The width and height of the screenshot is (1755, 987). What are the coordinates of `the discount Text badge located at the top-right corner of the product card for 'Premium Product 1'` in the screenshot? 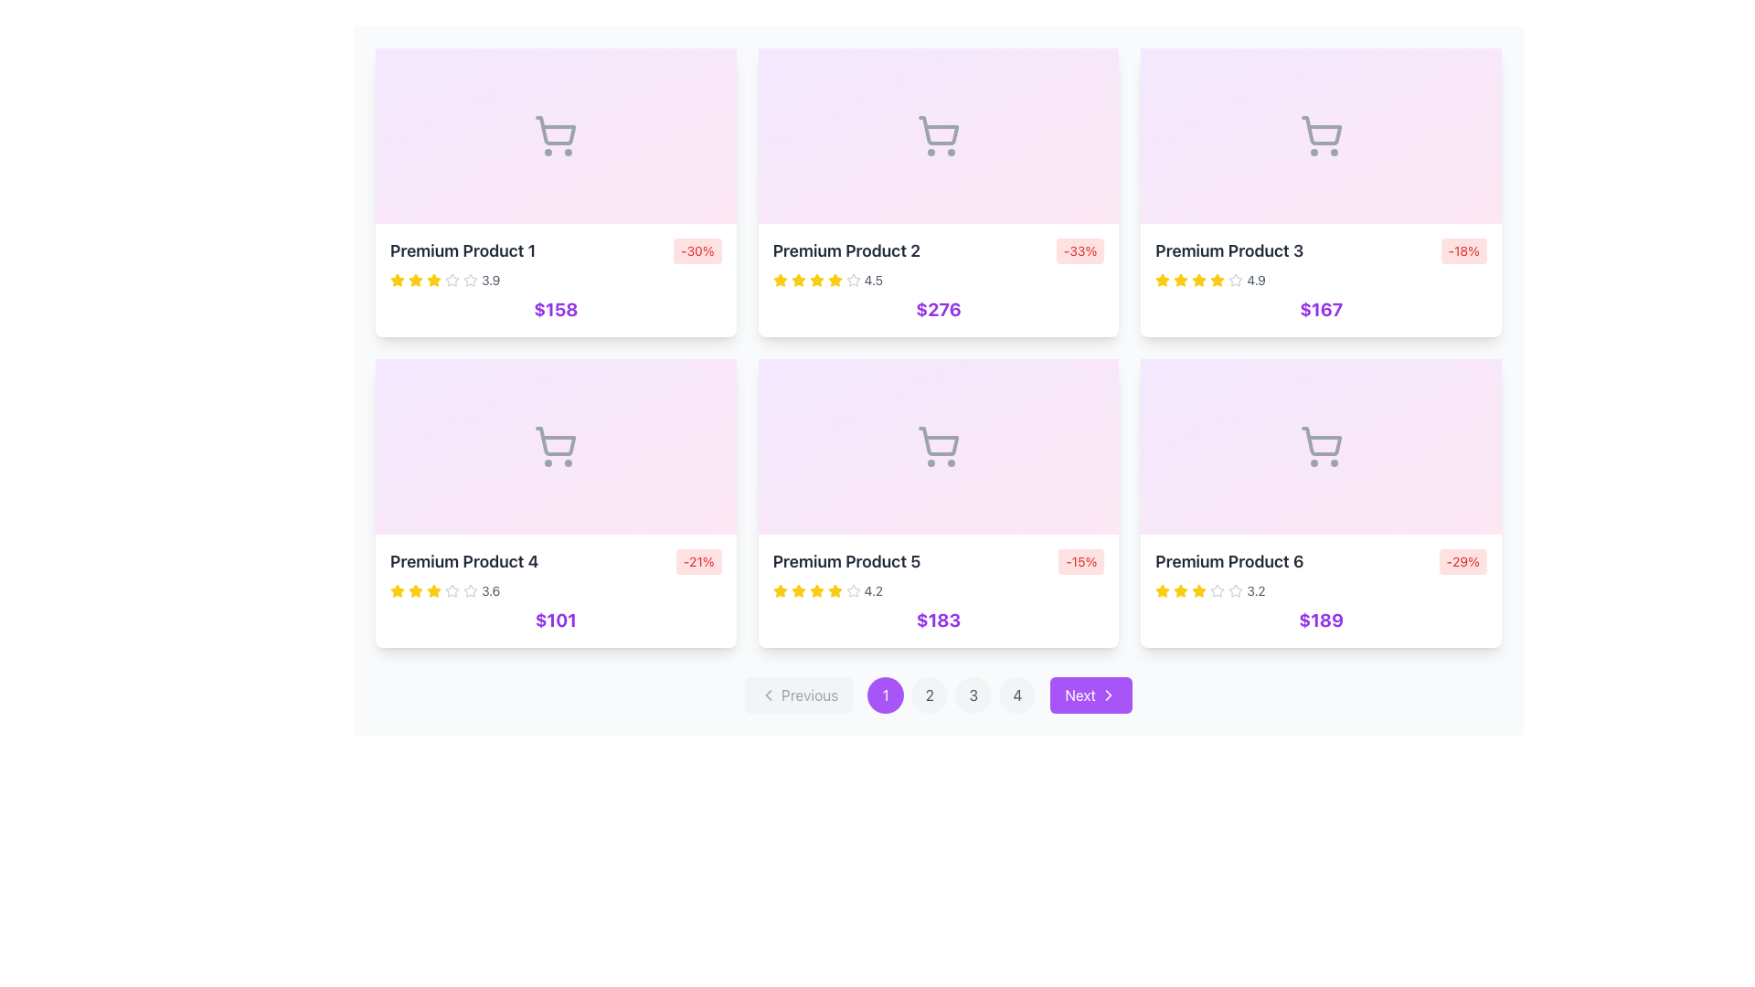 It's located at (697, 250).